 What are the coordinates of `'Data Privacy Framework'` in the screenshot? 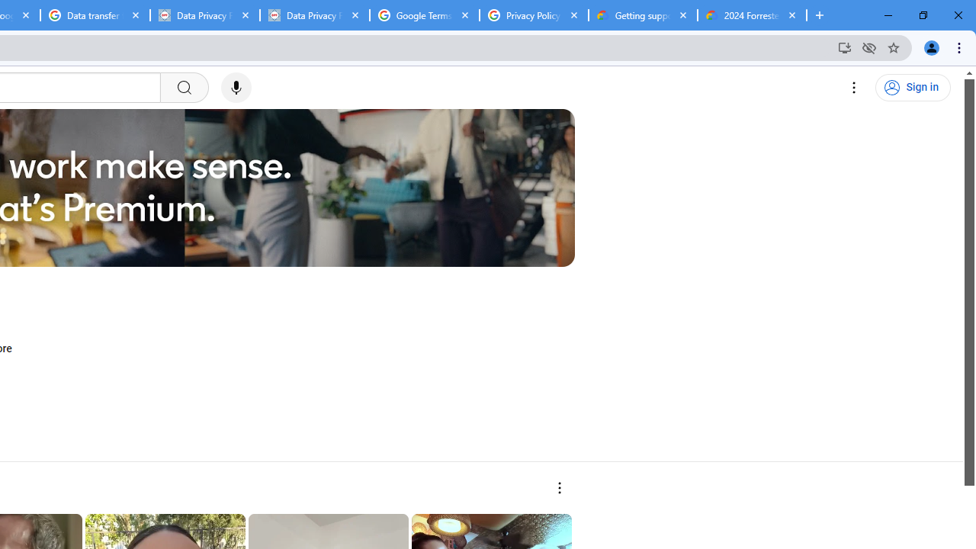 It's located at (313, 15).